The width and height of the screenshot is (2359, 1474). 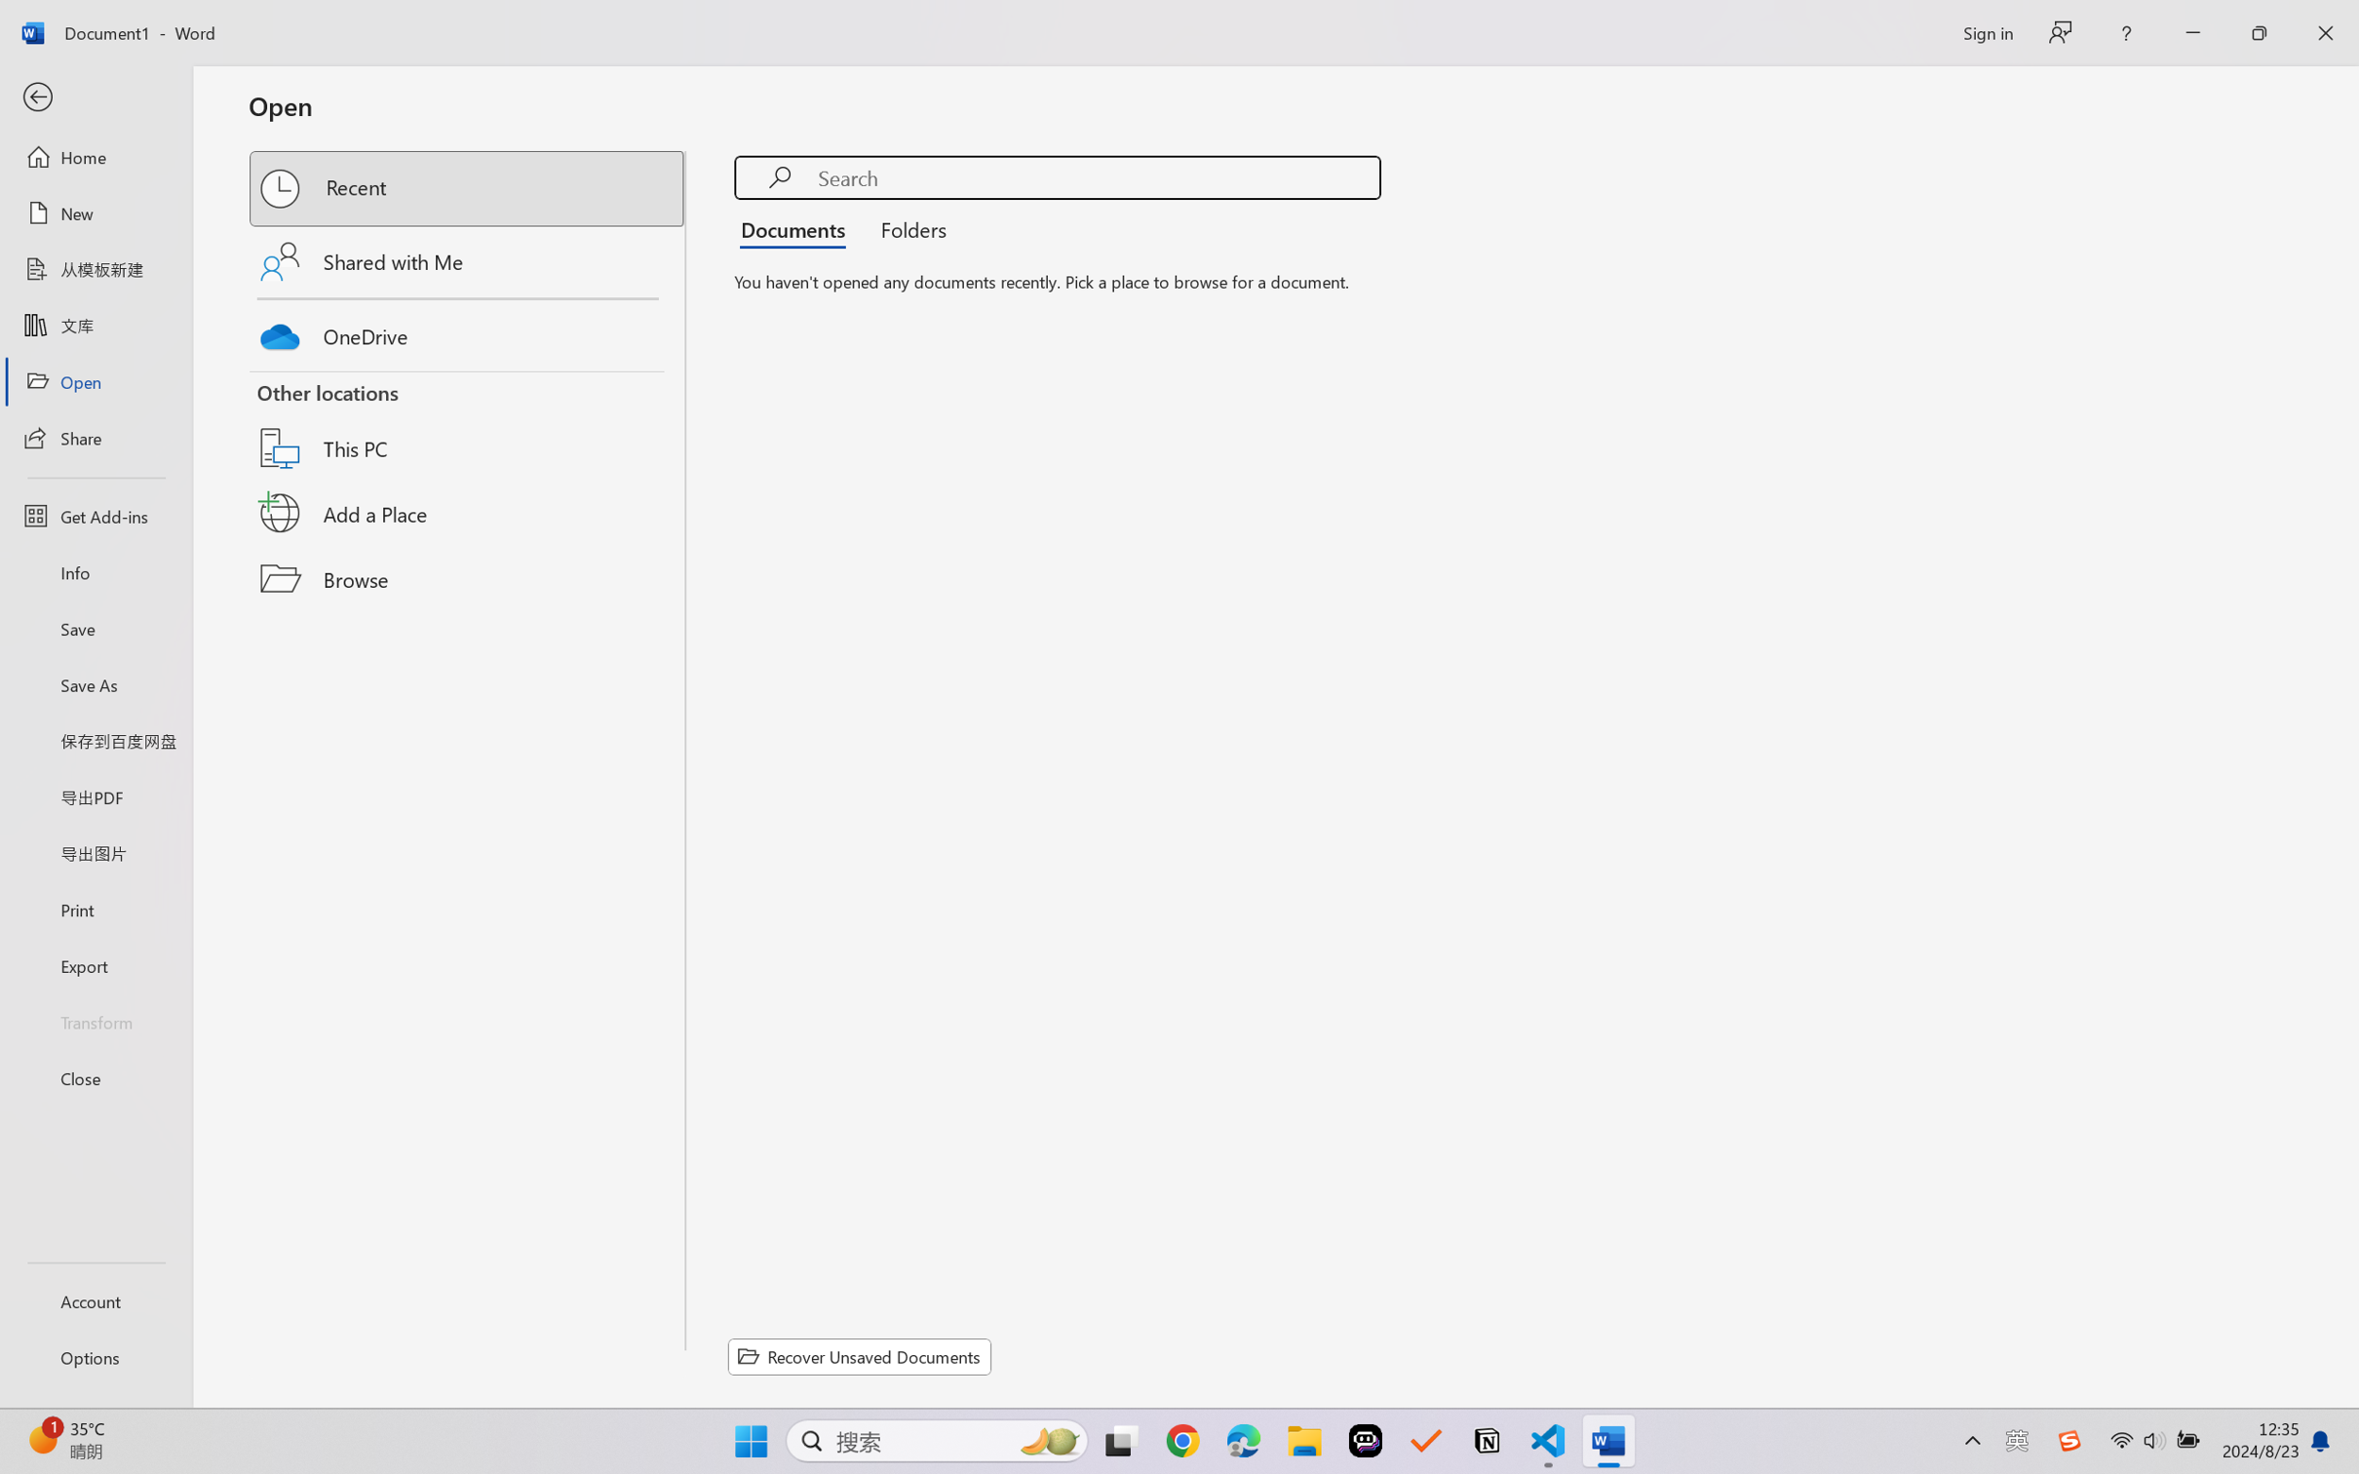 What do you see at coordinates (908, 227) in the screenshot?
I see `'Folders'` at bounding box center [908, 227].